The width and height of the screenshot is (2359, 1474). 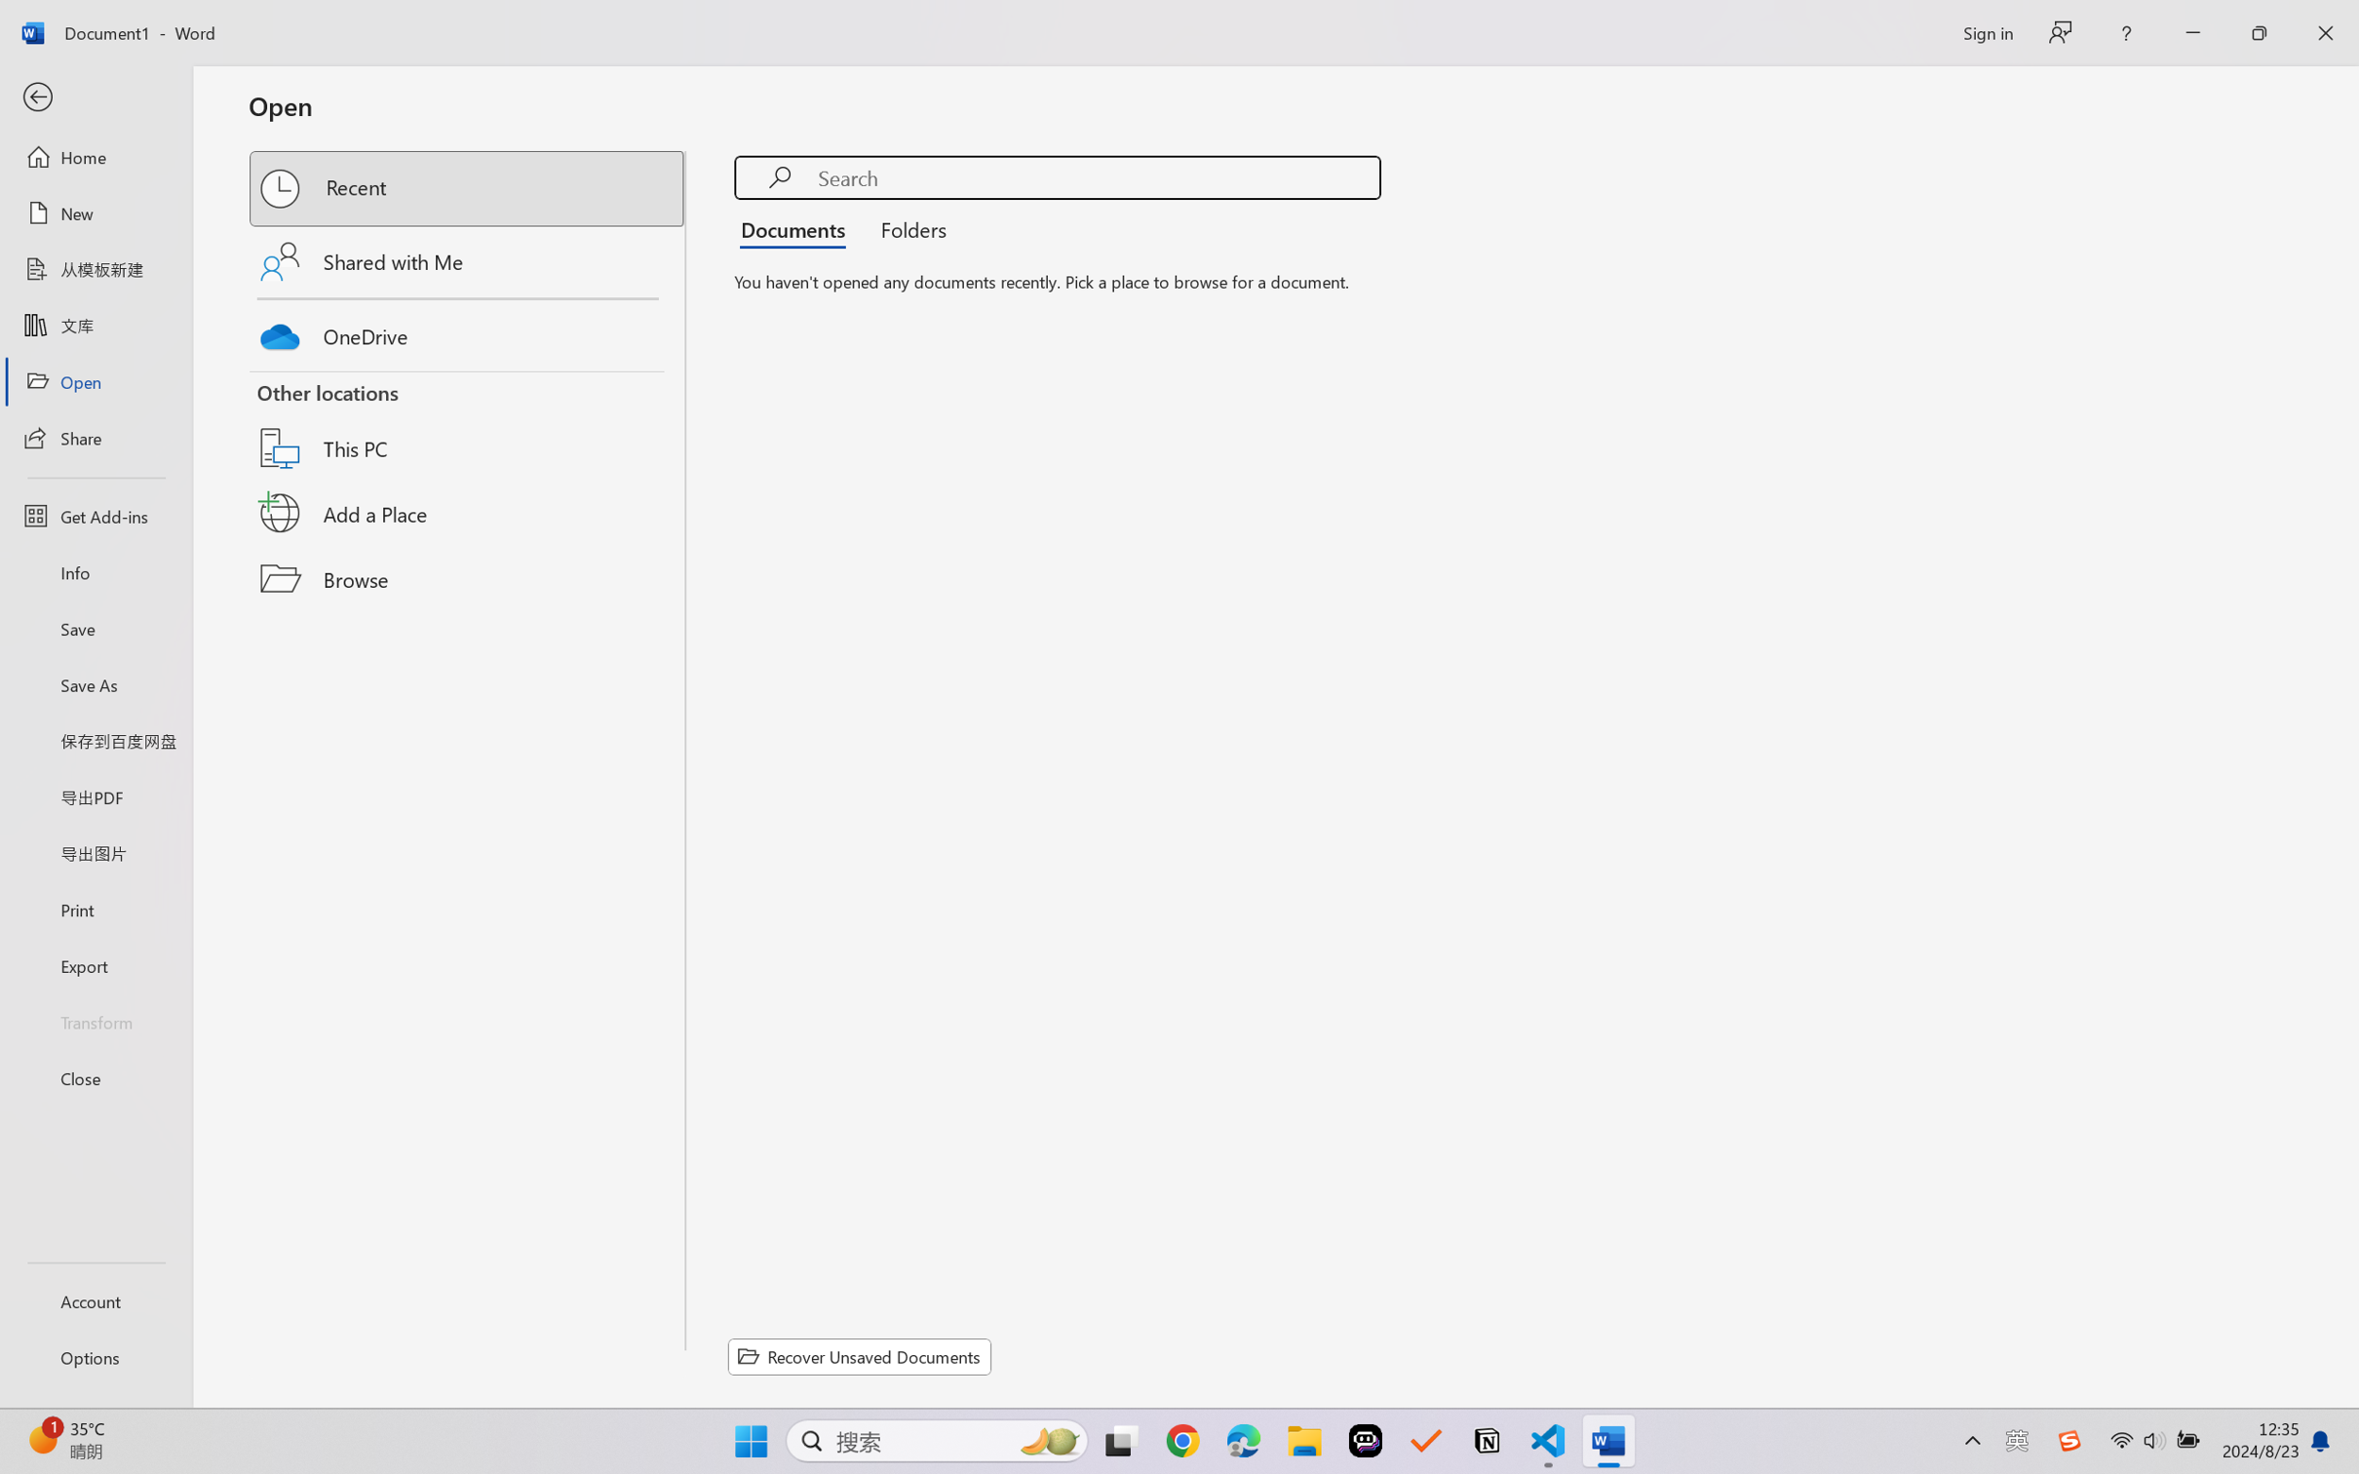 What do you see at coordinates (908, 227) in the screenshot?
I see `'Folders'` at bounding box center [908, 227].